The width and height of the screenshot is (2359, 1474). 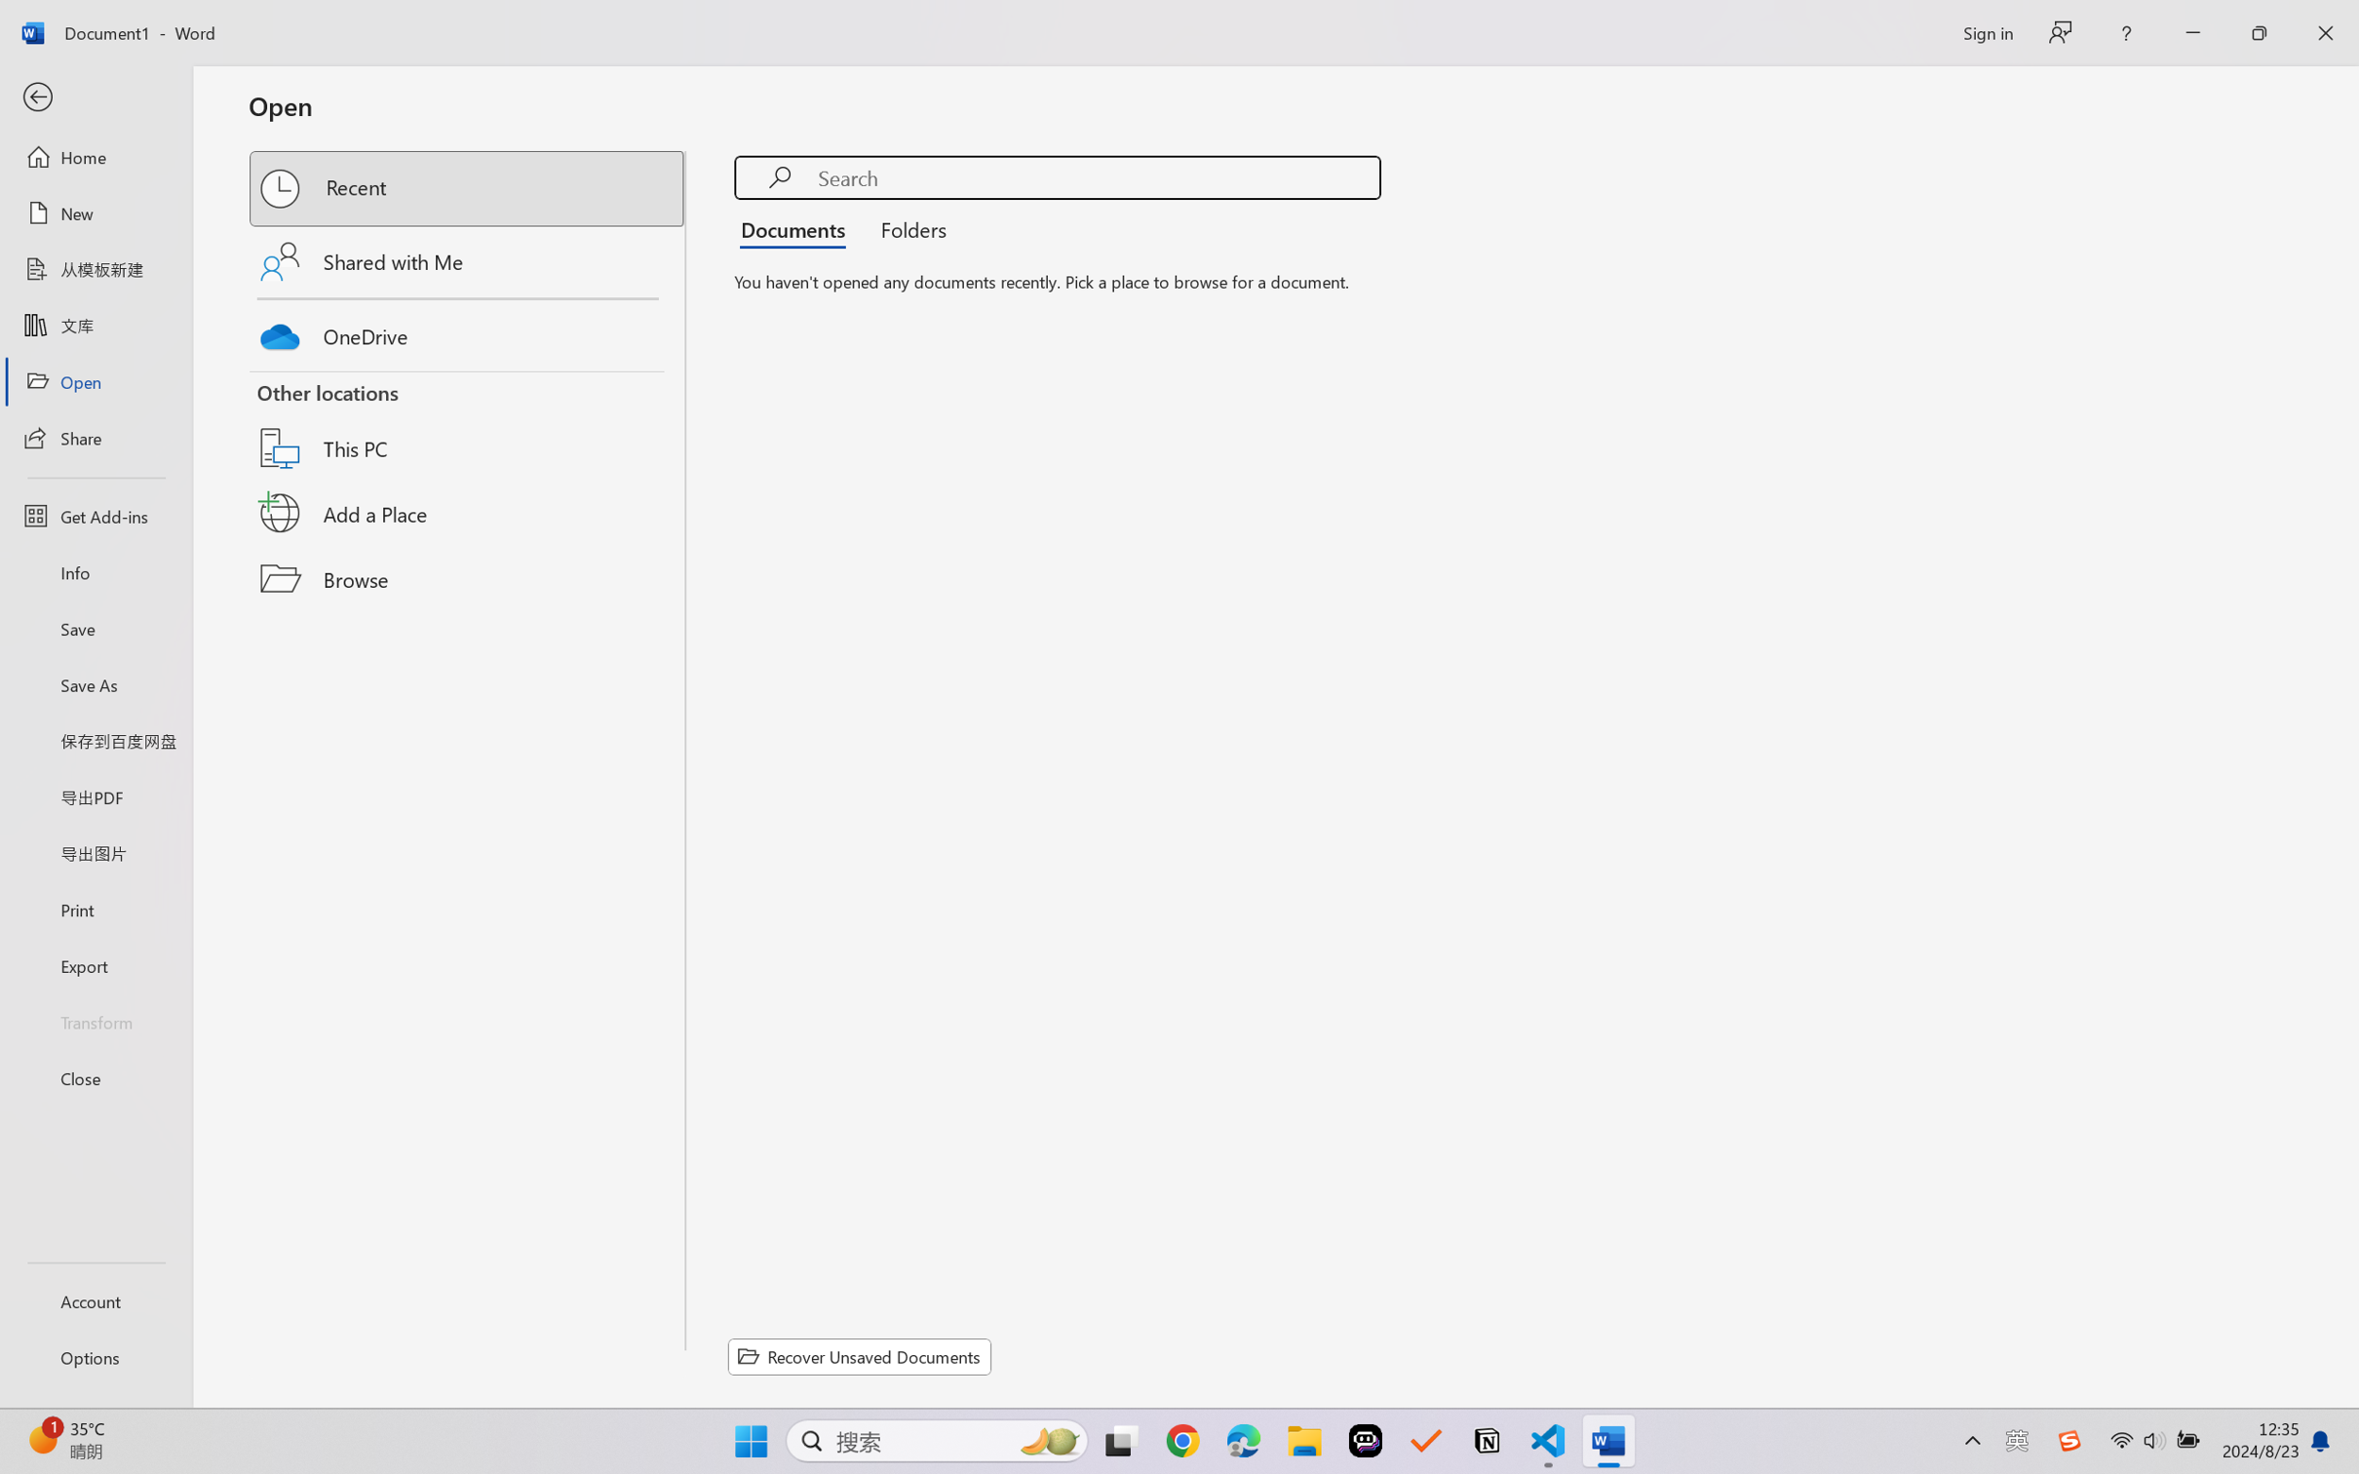 What do you see at coordinates (908, 227) in the screenshot?
I see `'Folders'` at bounding box center [908, 227].